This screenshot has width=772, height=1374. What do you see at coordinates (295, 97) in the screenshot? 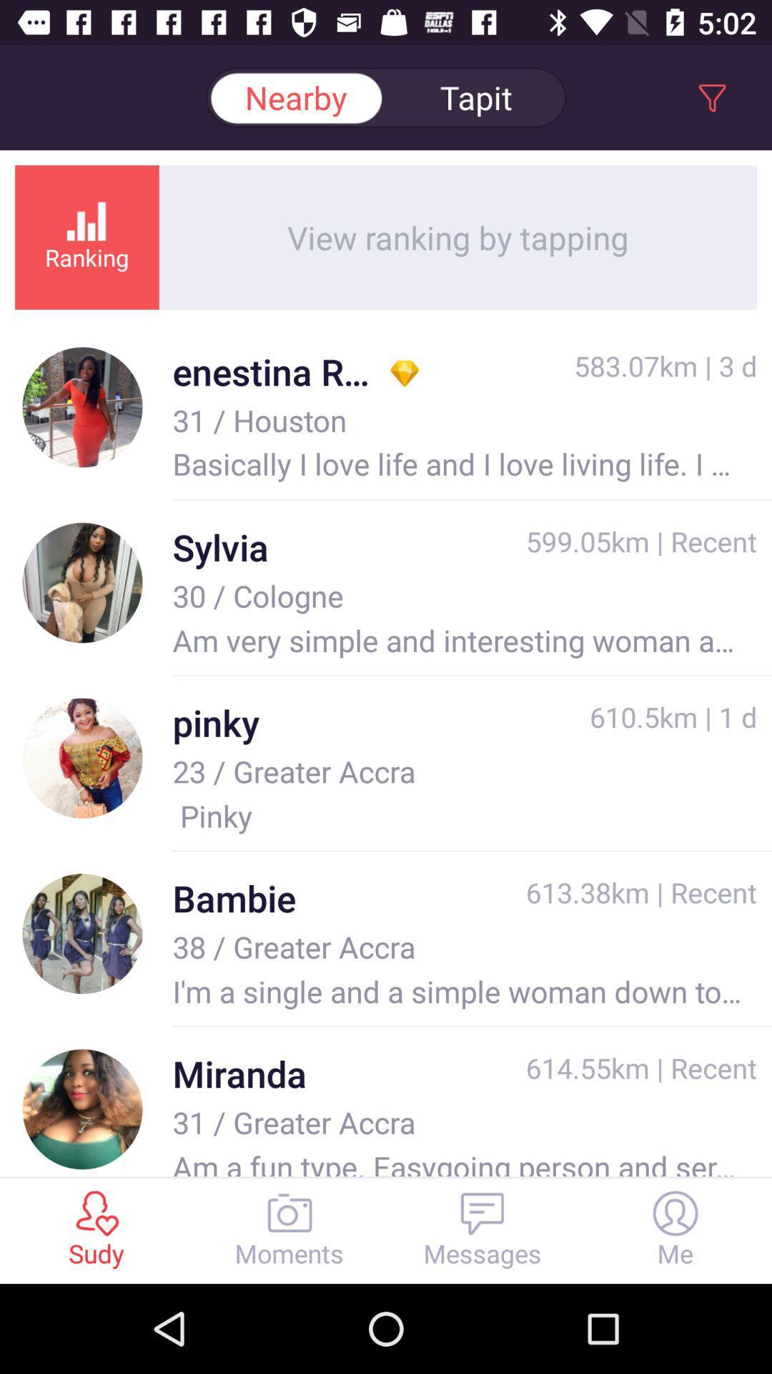
I see `item next to tapit item` at bounding box center [295, 97].